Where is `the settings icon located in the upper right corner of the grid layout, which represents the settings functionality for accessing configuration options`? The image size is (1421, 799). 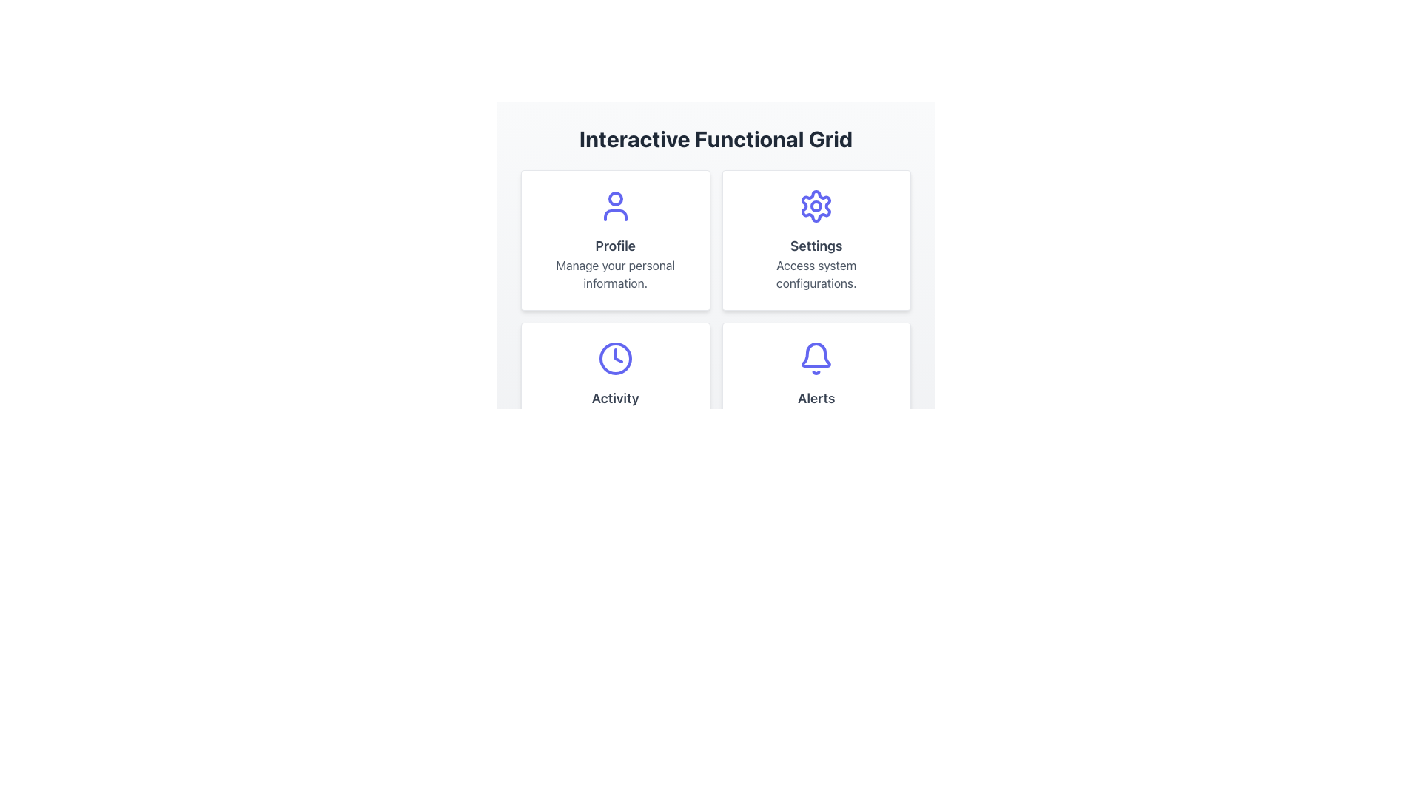 the settings icon located in the upper right corner of the grid layout, which represents the settings functionality for accessing configuration options is located at coordinates (816, 206).